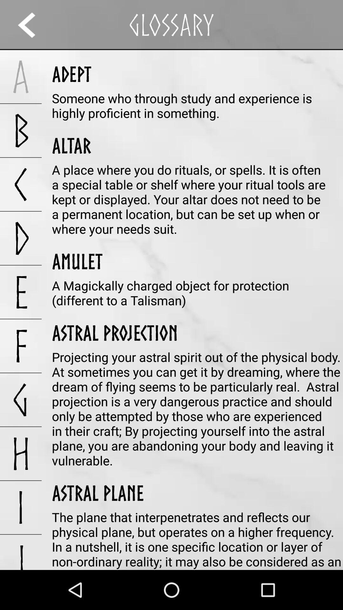 This screenshot has width=343, height=610. I want to click on app below the f, so click(20, 399).